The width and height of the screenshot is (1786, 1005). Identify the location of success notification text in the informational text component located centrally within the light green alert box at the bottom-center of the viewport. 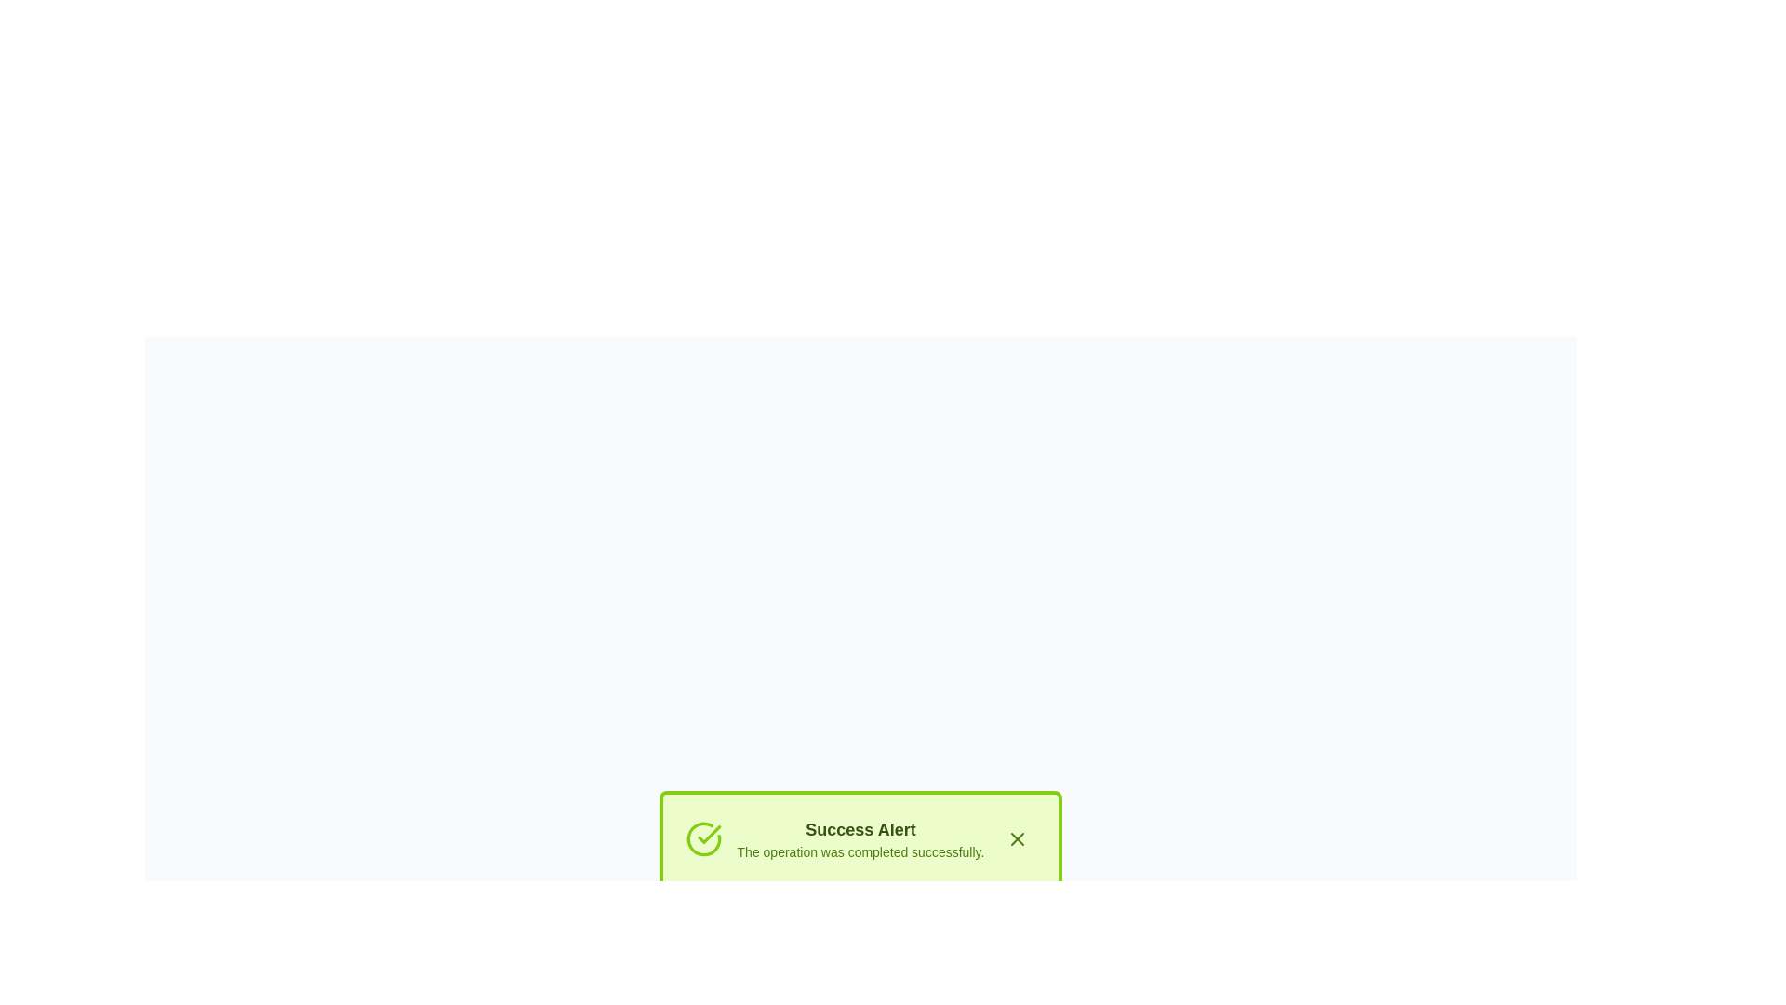
(860, 839).